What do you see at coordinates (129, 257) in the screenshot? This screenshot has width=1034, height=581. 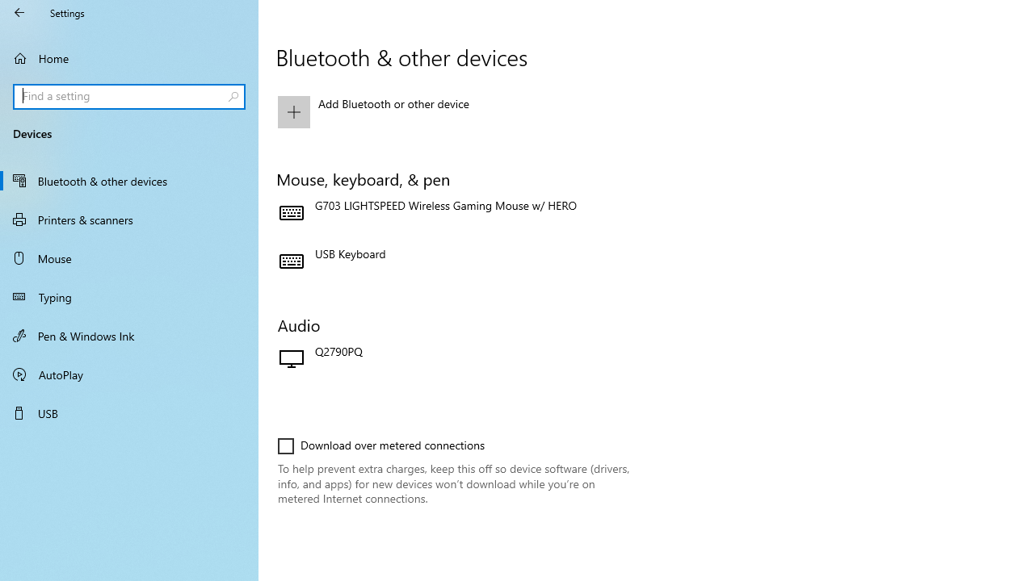 I see `'Mouse'` at bounding box center [129, 257].